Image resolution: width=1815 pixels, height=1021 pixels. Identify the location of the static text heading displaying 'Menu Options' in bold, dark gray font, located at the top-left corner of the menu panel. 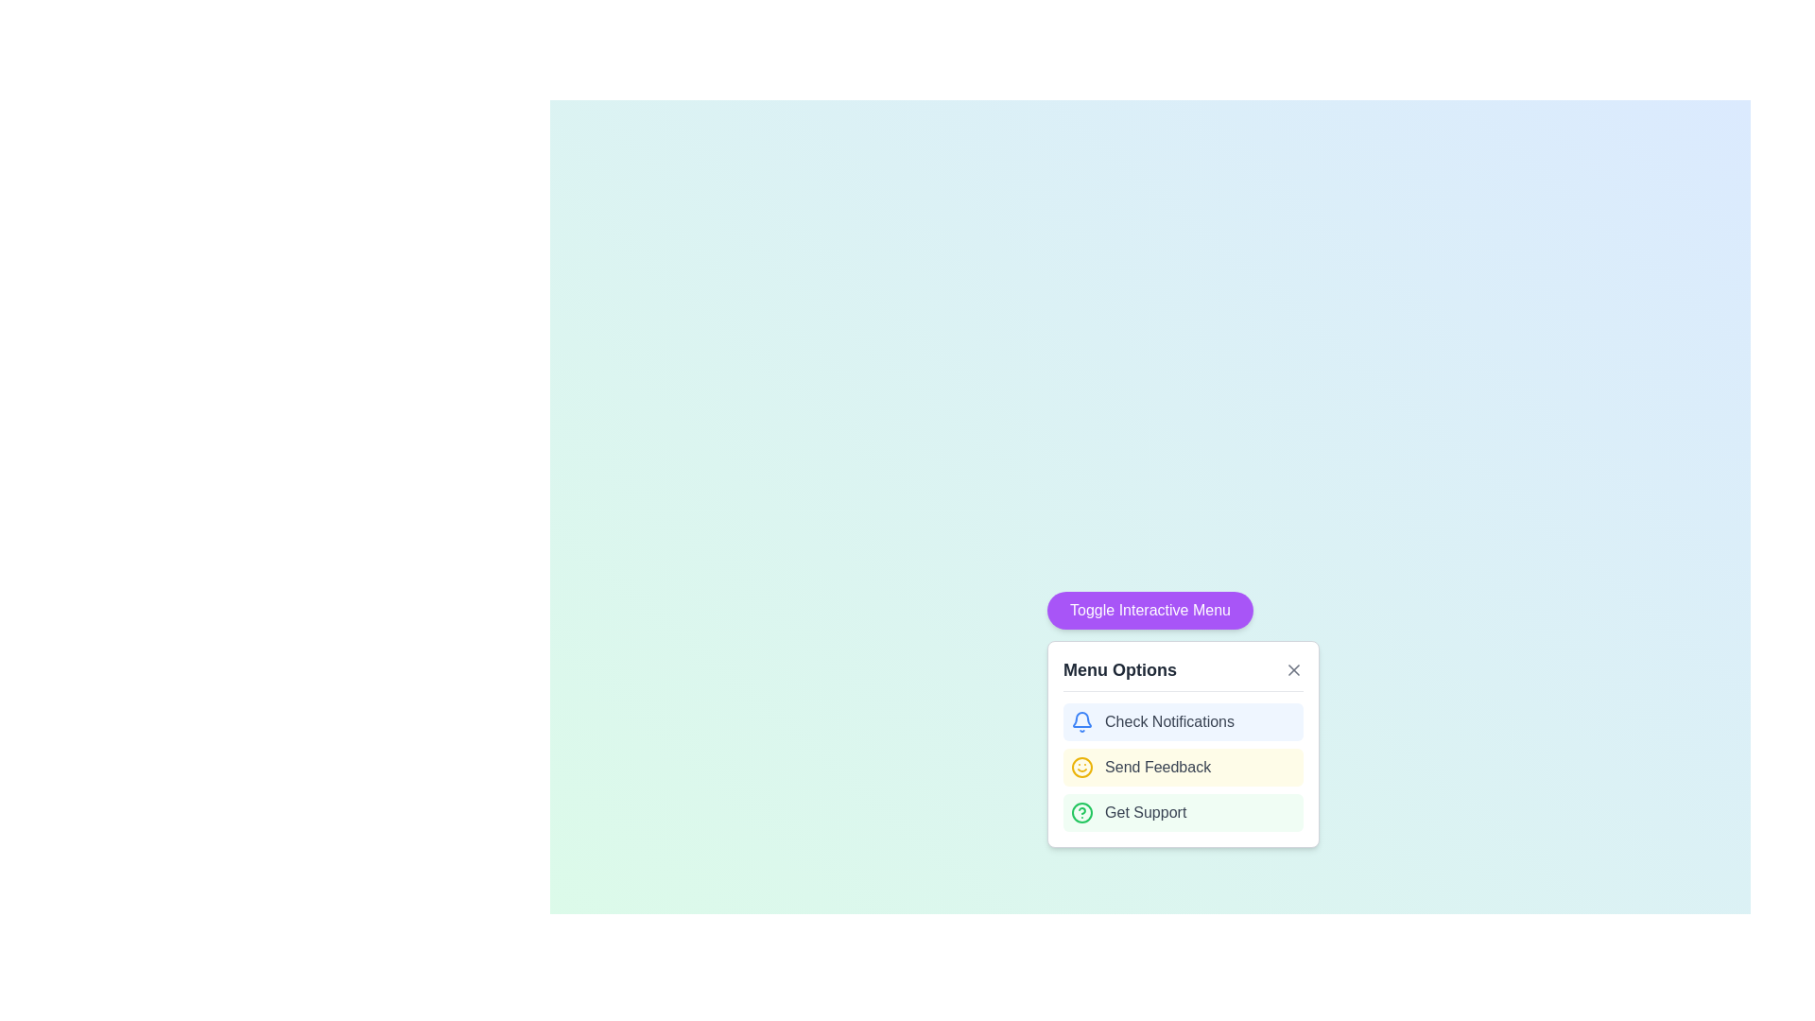
(1120, 669).